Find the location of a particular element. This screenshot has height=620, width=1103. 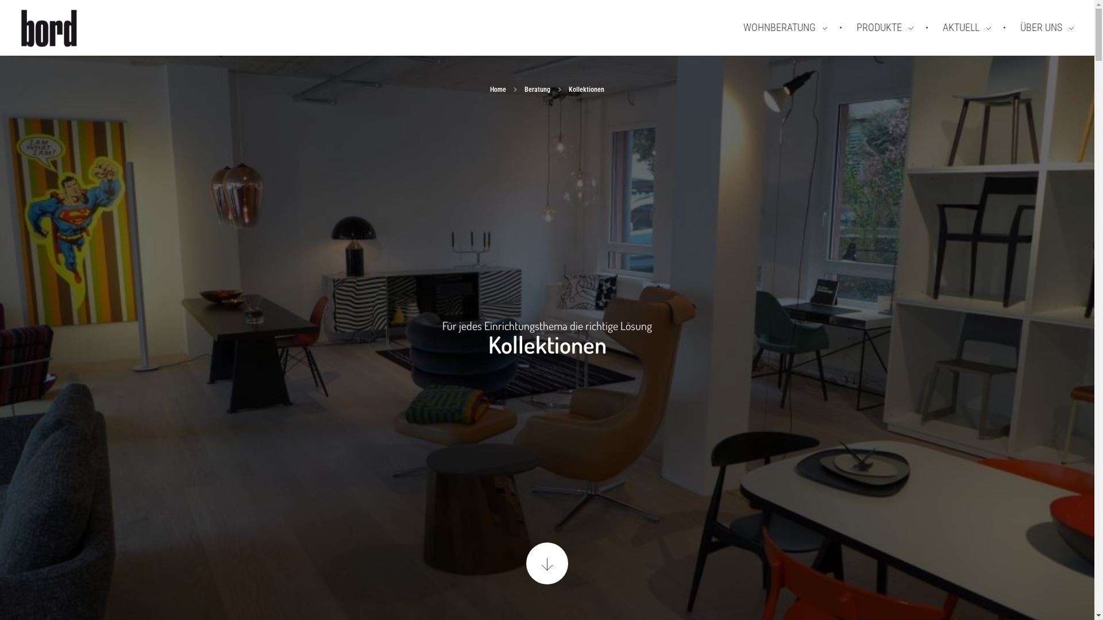

'Home' is located at coordinates (490, 88).